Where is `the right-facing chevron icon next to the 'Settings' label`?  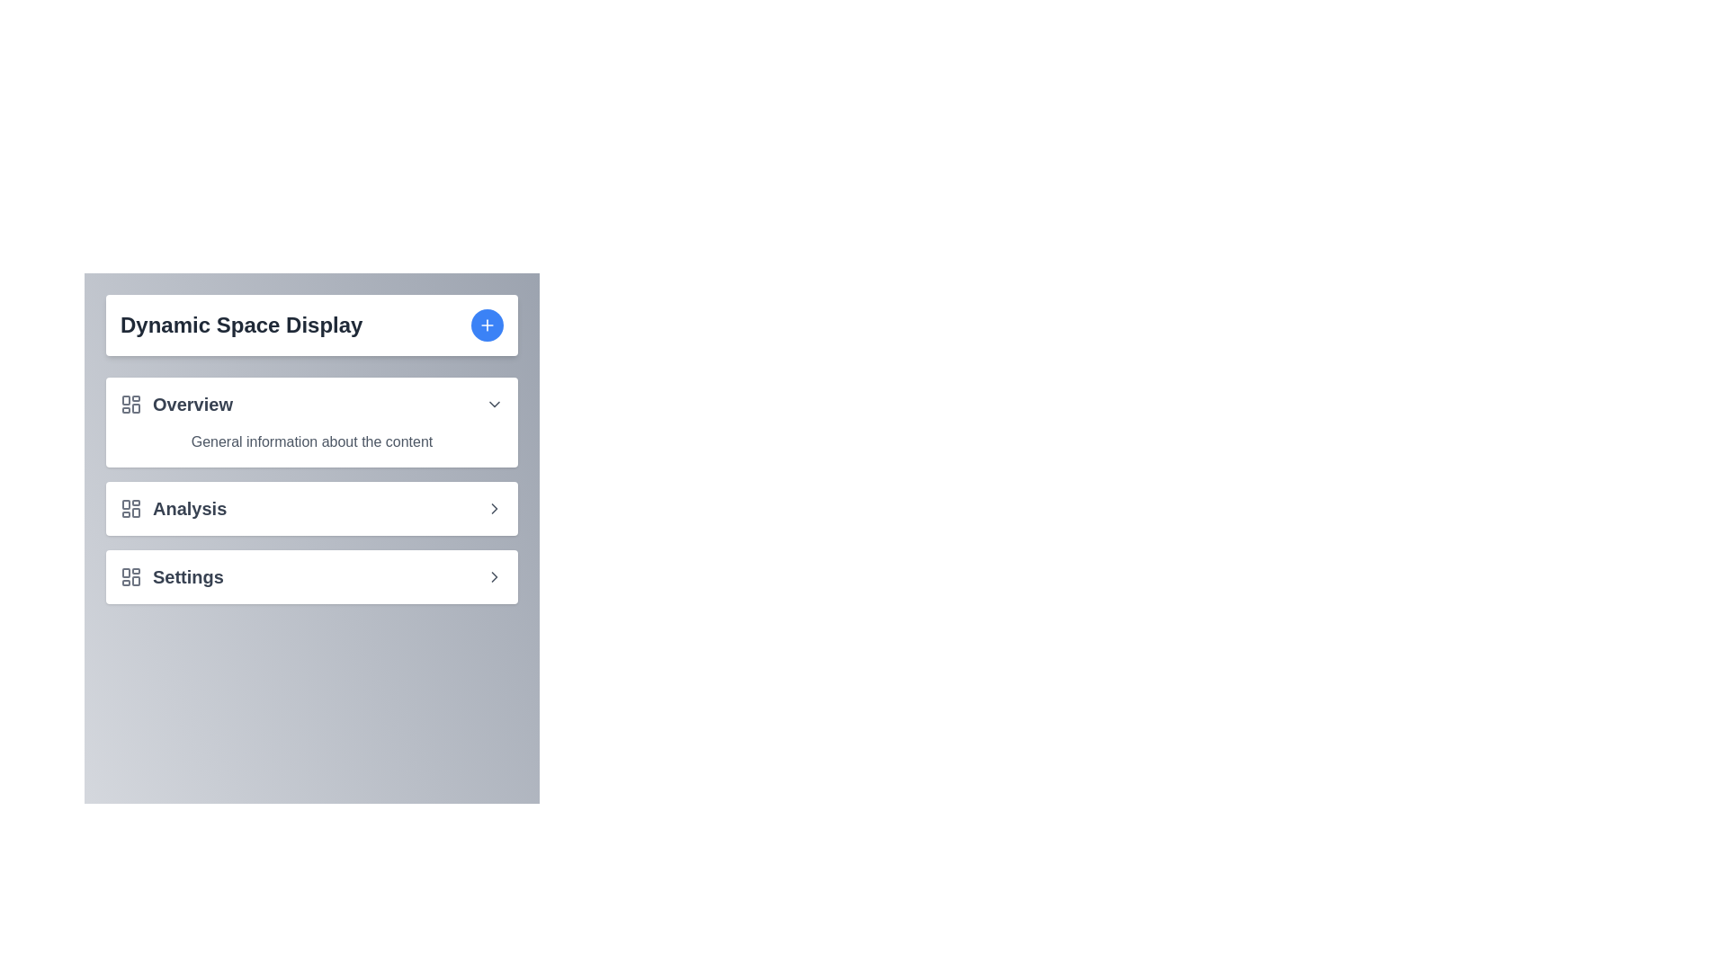 the right-facing chevron icon next to the 'Settings' label is located at coordinates (495, 576).